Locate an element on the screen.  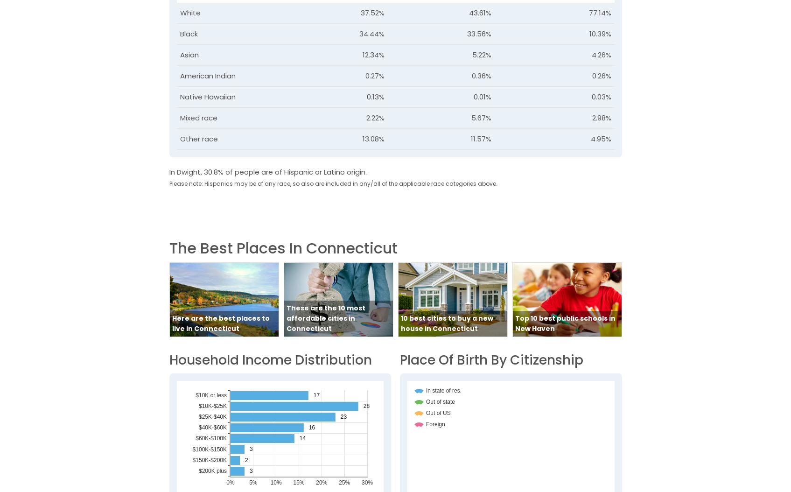
'These are the 10 most affordable cities in Connecticut' is located at coordinates (325, 318).